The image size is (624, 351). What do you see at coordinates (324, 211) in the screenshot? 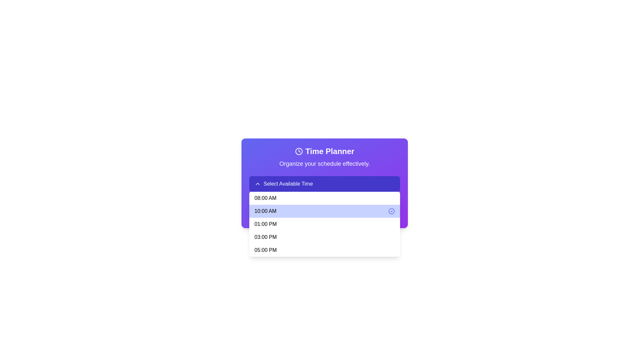
I see `the list item in the dropdown menu that displays '10:00 AM' with a light indigo background` at bounding box center [324, 211].